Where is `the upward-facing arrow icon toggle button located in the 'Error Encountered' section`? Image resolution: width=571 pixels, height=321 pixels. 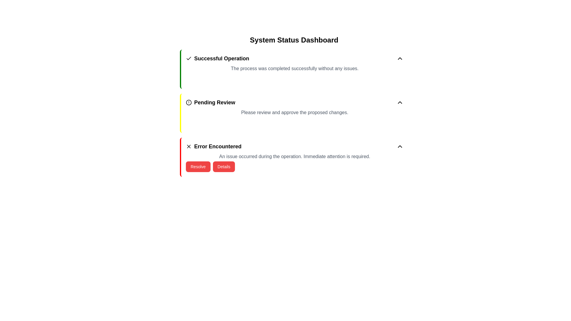
the upward-facing arrow icon toggle button located in the 'Error Encountered' section is located at coordinates (400, 147).